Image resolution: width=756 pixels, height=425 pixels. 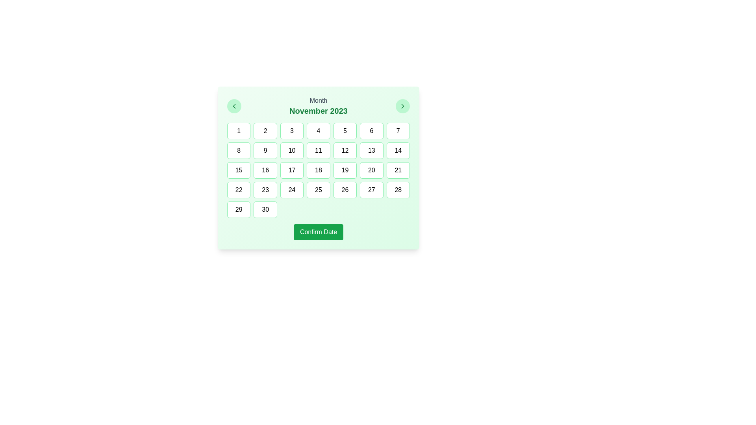 What do you see at coordinates (371, 150) in the screenshot?
I see `the rectangular button labeled '13' with a white background and green border` at bounding box center [371, 150].